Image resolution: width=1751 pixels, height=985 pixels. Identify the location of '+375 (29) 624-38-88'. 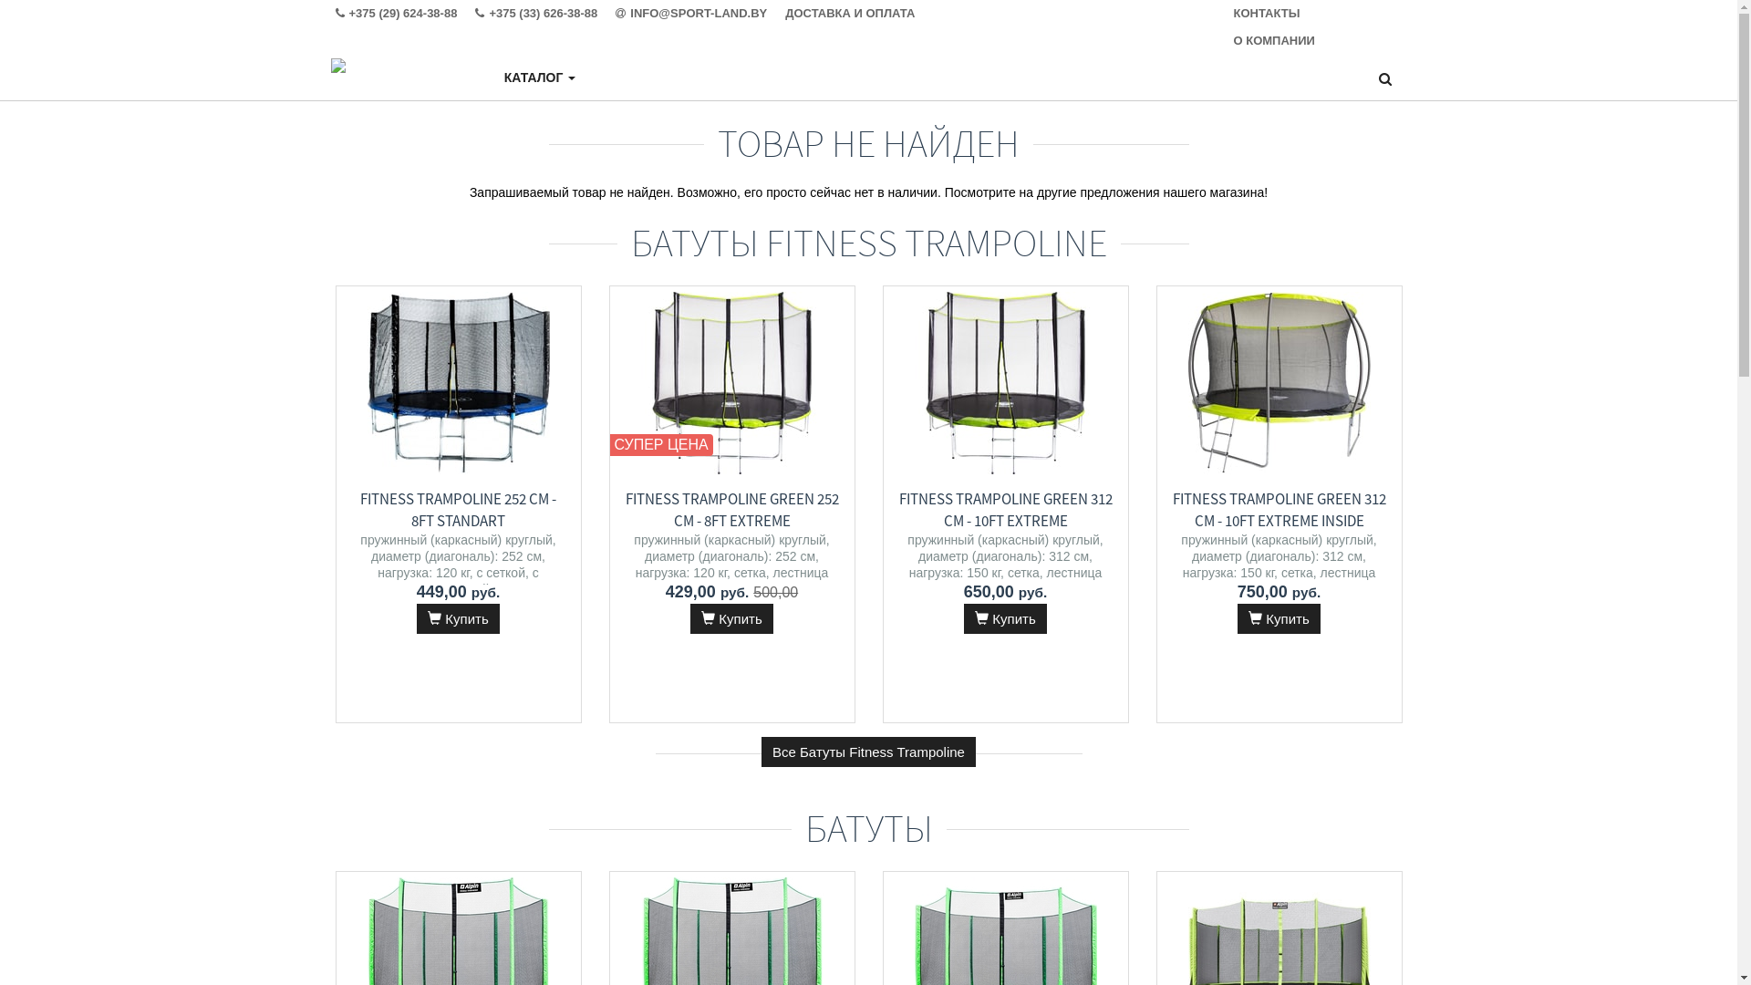
(405, 14).